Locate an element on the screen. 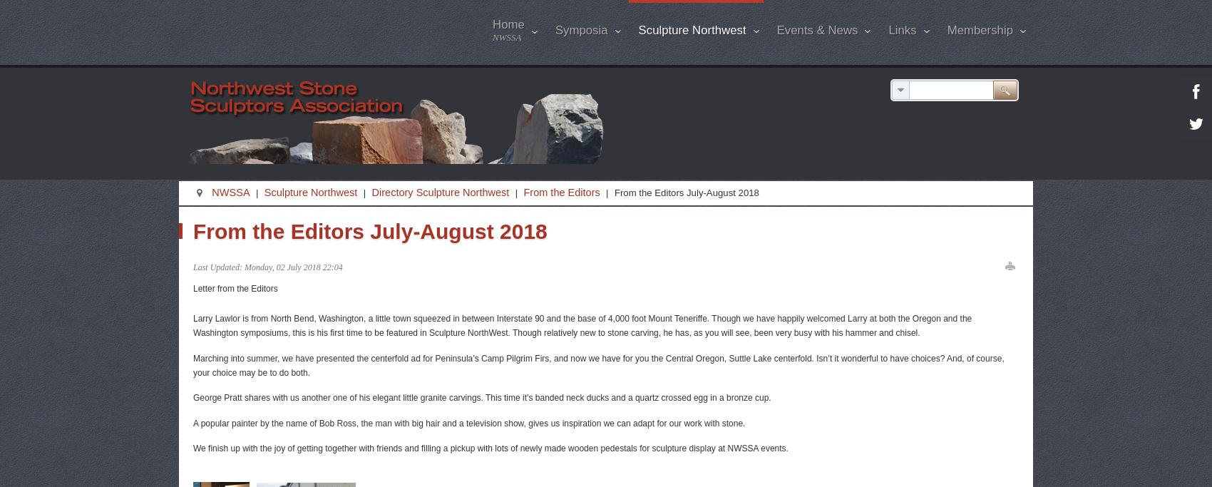 This screenshot has width=1212, height=487. 'News Feeds' is located at coordinates (936, 220).